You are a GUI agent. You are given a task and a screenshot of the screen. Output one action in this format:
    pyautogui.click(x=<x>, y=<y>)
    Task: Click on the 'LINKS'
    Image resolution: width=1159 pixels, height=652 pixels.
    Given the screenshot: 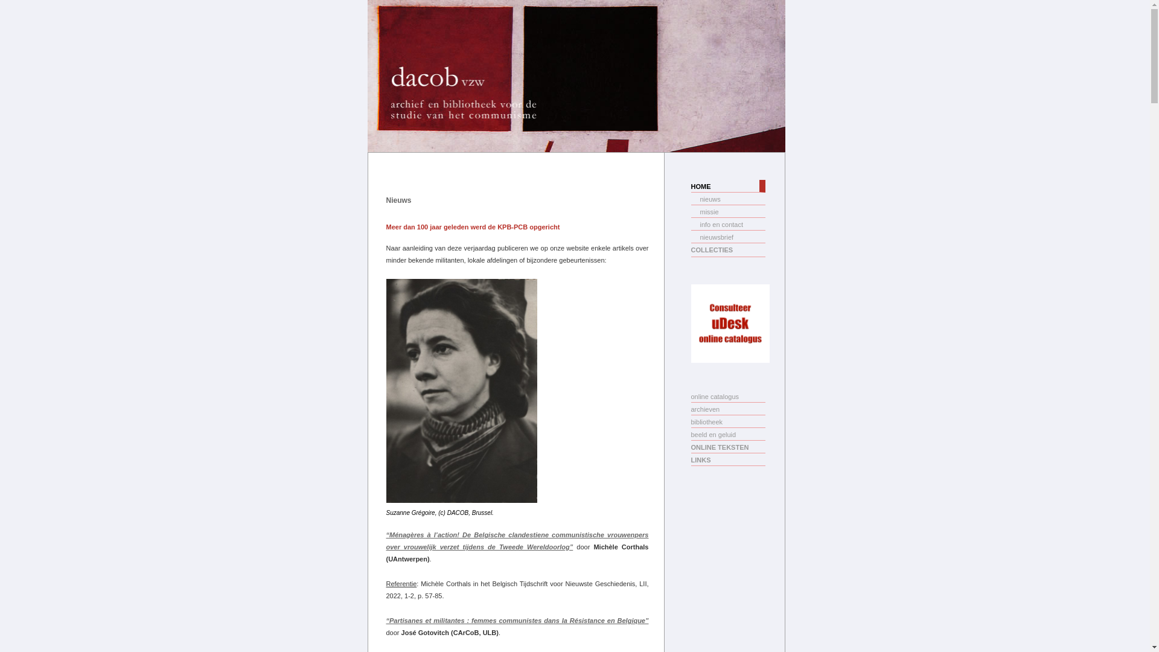 What is the action you would take?
    pyautogui.click(x=727, y=459)
    